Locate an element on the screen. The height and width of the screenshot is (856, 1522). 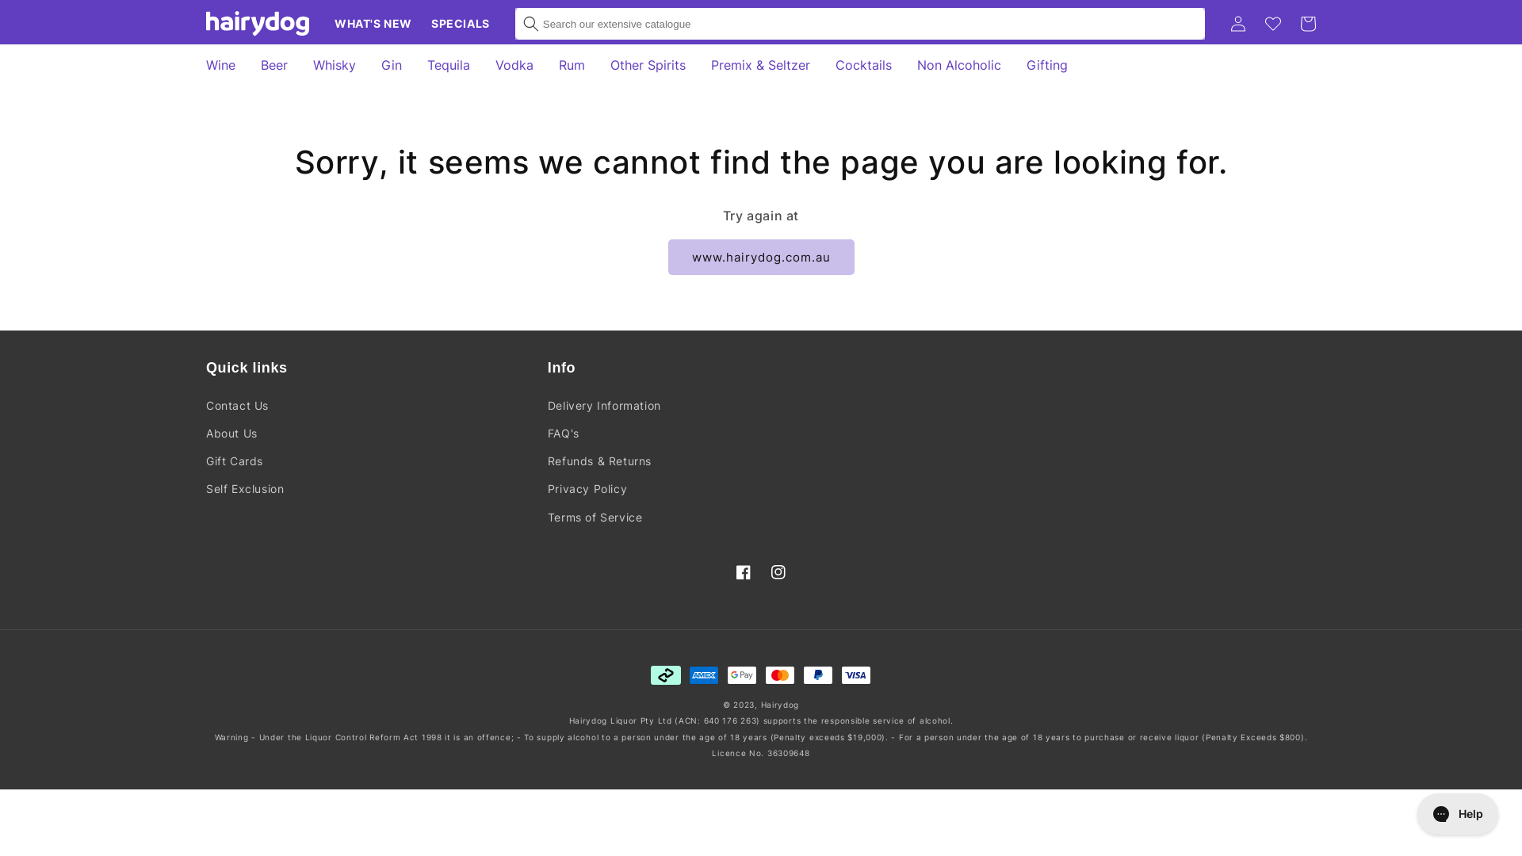
'WHAT'S NEW' is located at coordinates (323, 24).